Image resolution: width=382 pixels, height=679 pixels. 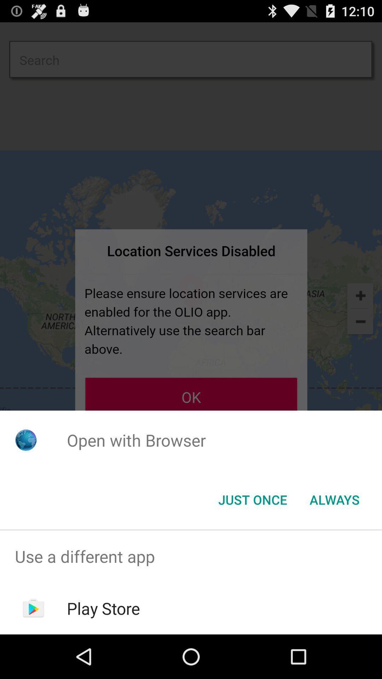 I want to click on just once, so click(x=252, y=499).